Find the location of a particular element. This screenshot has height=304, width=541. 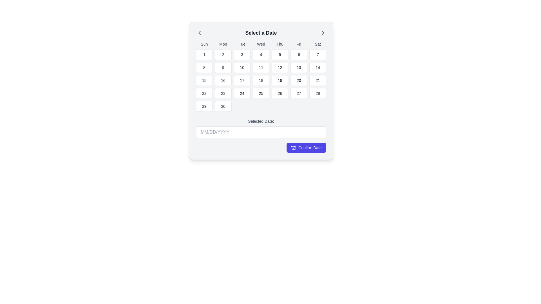

the button representing the date '21' in the calendar interface is located at coordinates (318, 80).